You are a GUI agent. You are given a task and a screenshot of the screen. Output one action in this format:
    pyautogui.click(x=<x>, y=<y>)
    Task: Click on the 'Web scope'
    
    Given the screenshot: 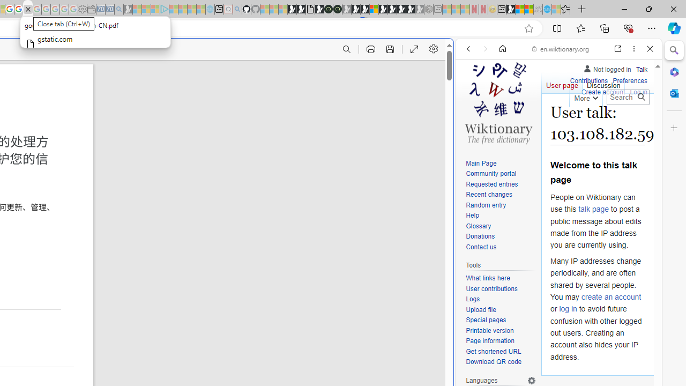 What is the action you would take?
    pyautogui.click(x=472, y=96)
    